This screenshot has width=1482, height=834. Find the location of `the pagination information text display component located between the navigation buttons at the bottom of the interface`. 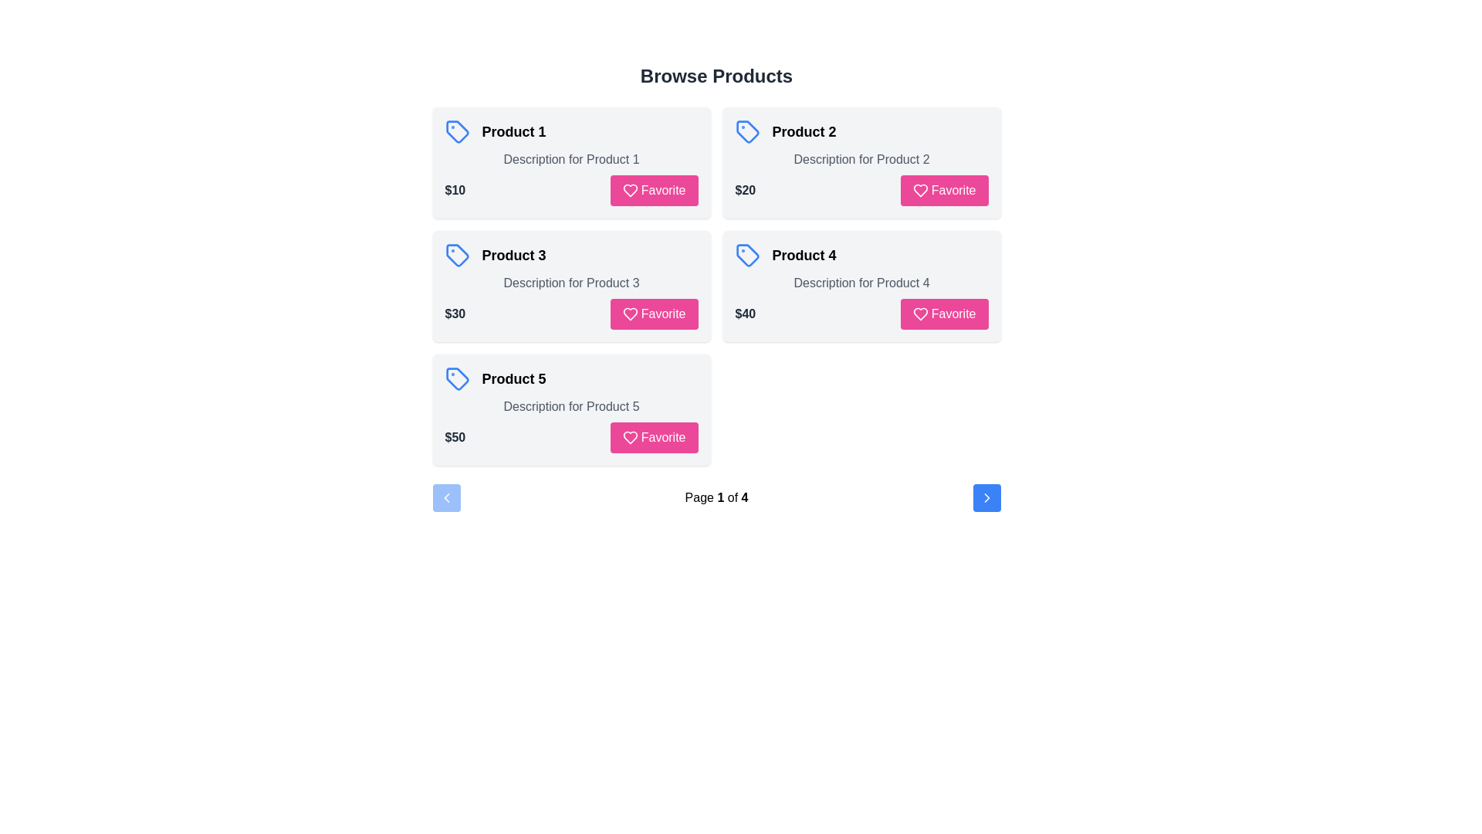

the pagination information text display component located between the navigation buttons at the bottom of the interface is located at coordinates (716, 497).